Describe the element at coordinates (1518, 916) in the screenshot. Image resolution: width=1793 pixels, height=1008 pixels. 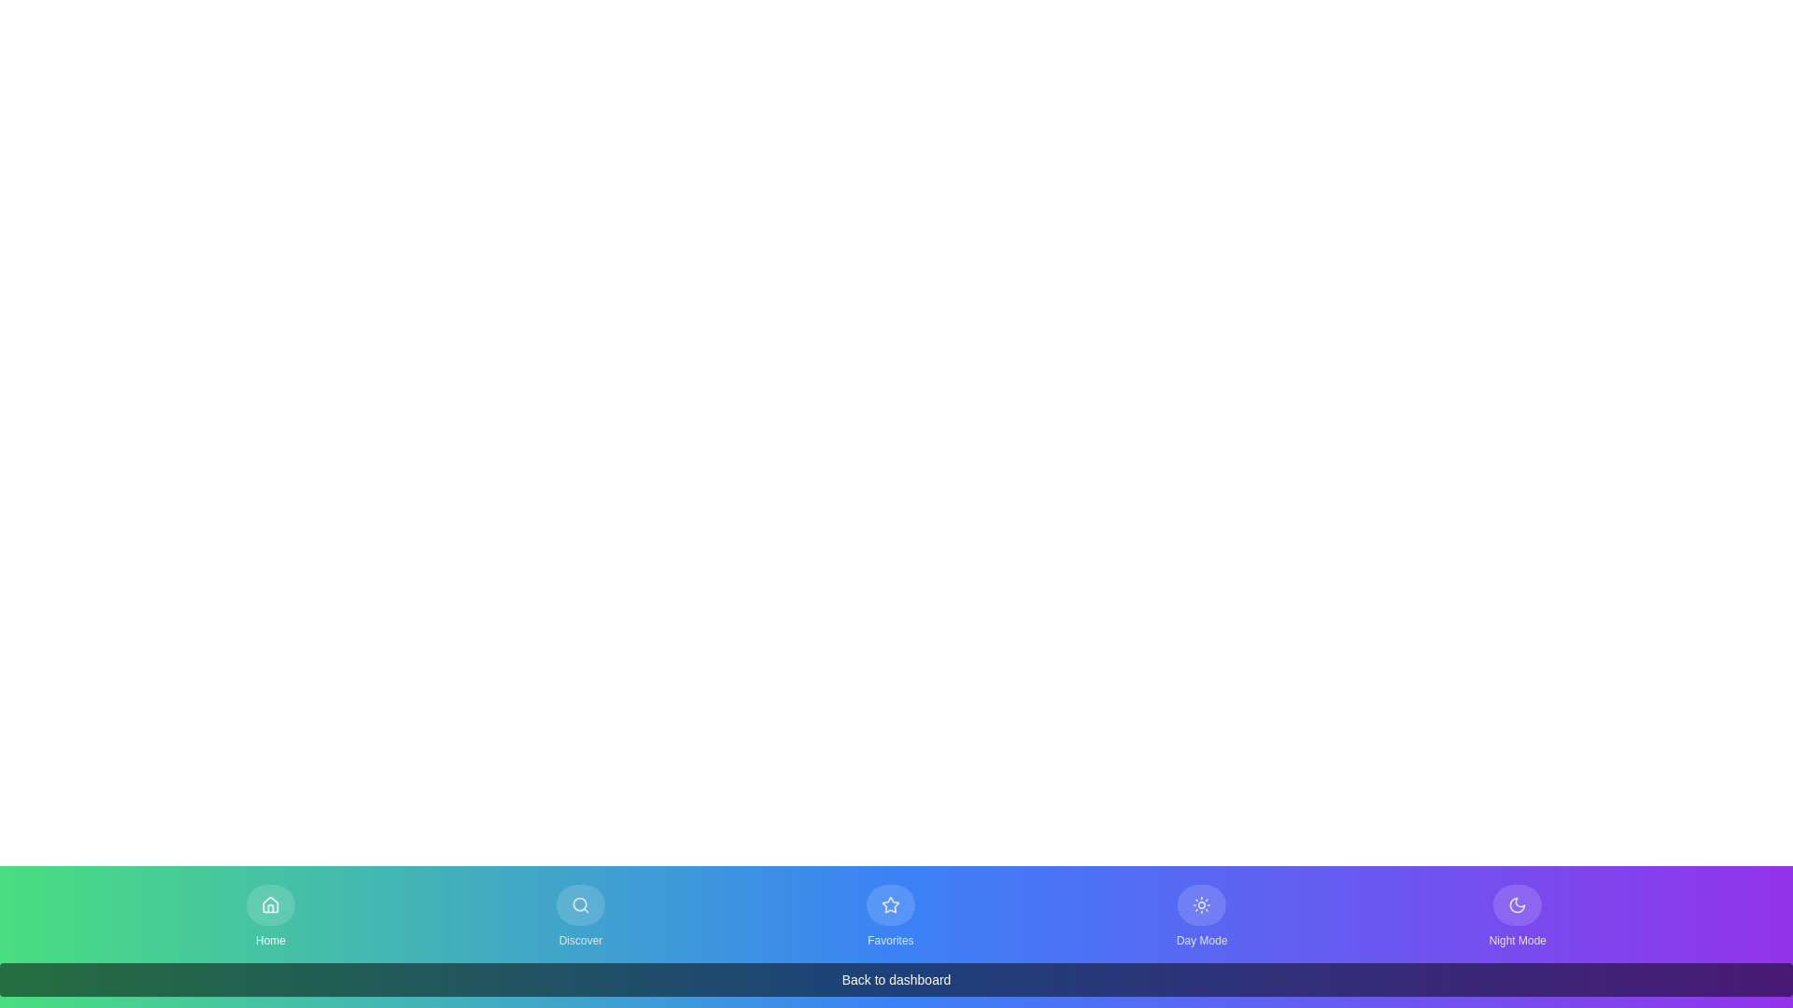
I see `the button labeled Night Mode to observe its hover state change` at that location.